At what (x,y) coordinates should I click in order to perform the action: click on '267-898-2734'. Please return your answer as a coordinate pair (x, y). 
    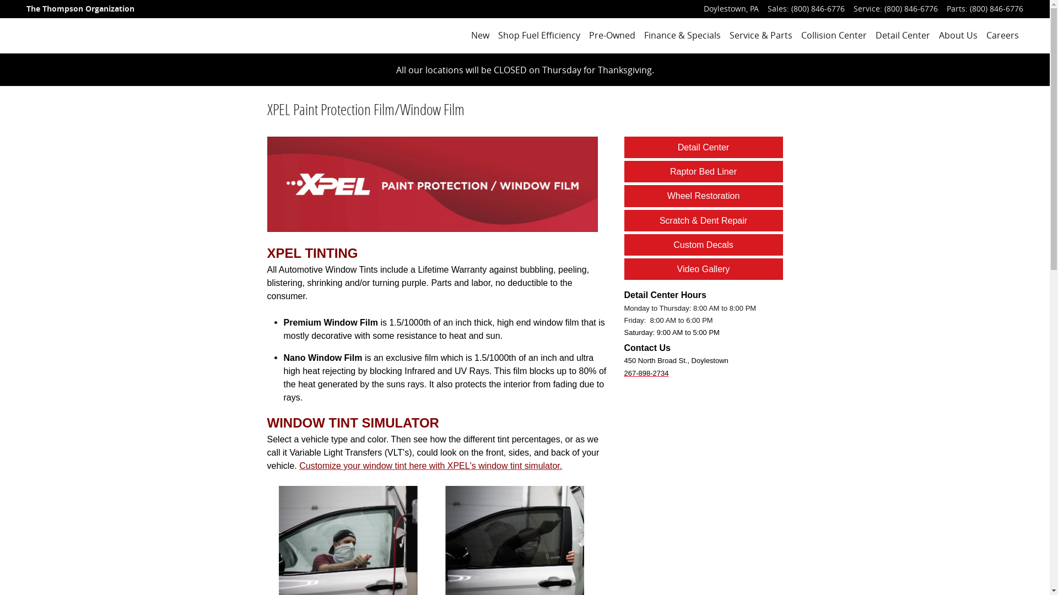
    Looking at the image, I should click on (646, 372).